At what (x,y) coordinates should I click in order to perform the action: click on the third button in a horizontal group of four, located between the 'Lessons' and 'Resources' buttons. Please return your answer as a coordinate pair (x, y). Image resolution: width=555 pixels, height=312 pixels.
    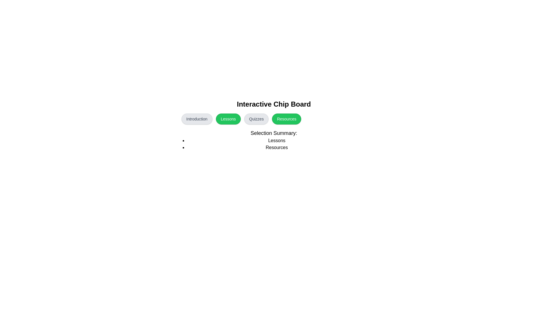
    Looking at the image, I should click on (256, 119).